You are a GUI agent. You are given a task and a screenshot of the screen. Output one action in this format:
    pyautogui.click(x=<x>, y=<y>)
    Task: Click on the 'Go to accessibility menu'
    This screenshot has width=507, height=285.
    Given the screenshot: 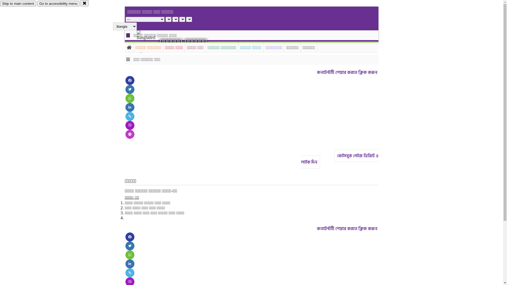 What is the action you would take?
    pyautogui.click(x=58, y=3)
    